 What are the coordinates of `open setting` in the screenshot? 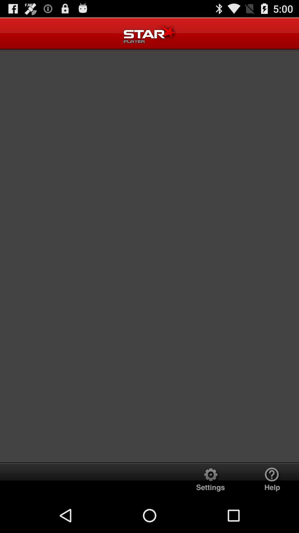 It's located at (210, 480).